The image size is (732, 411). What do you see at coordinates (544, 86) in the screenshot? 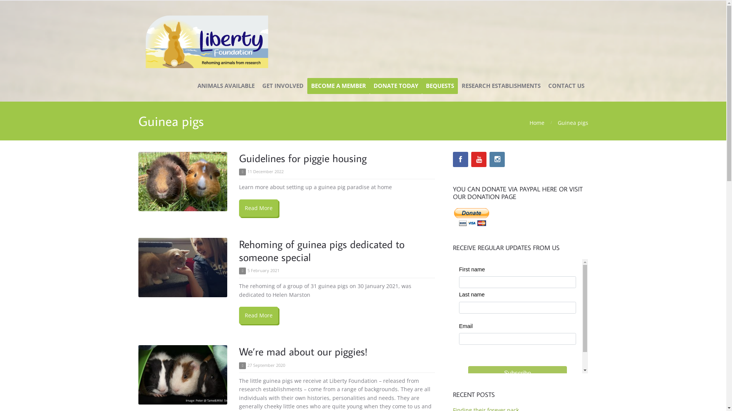
I see `'CONTACT US'` at bounding box center [544, 86].